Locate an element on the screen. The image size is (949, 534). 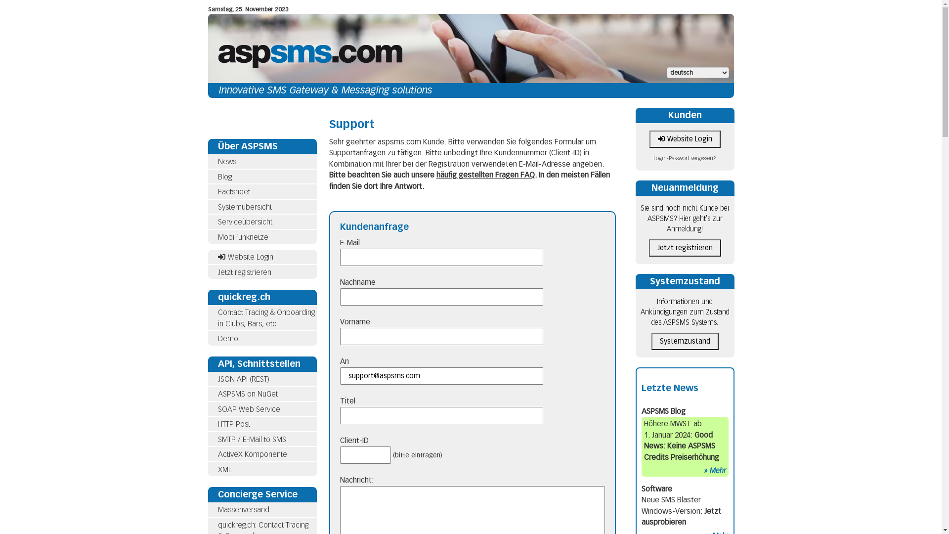
'JSON API (REST)' is located at coordinates (261, 379).